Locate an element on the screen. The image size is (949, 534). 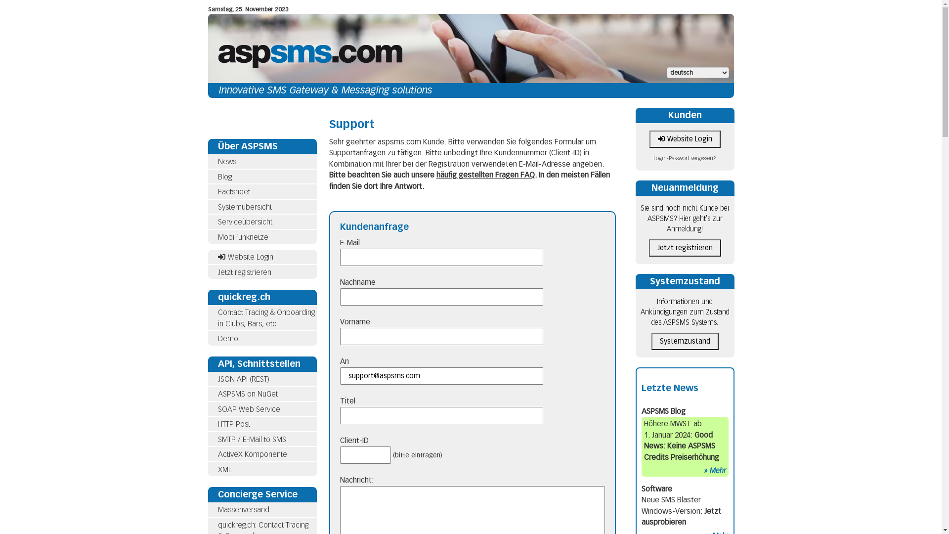
'JSON API (REST)' is located at coordinates (261, 379).